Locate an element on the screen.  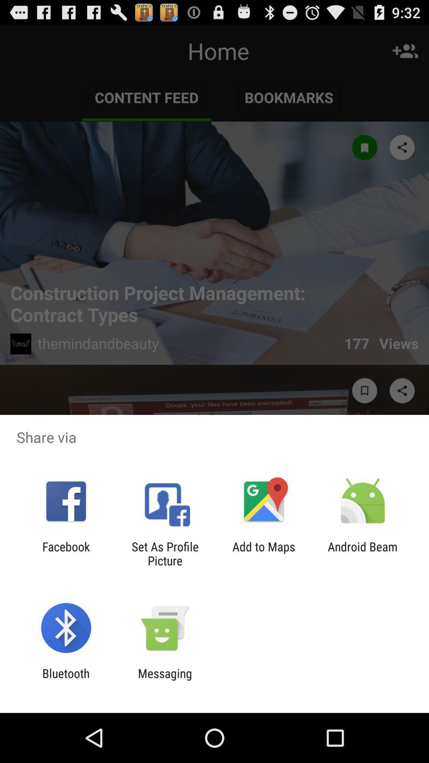
the app next to add to maps app is located at coordinates (363, 553).